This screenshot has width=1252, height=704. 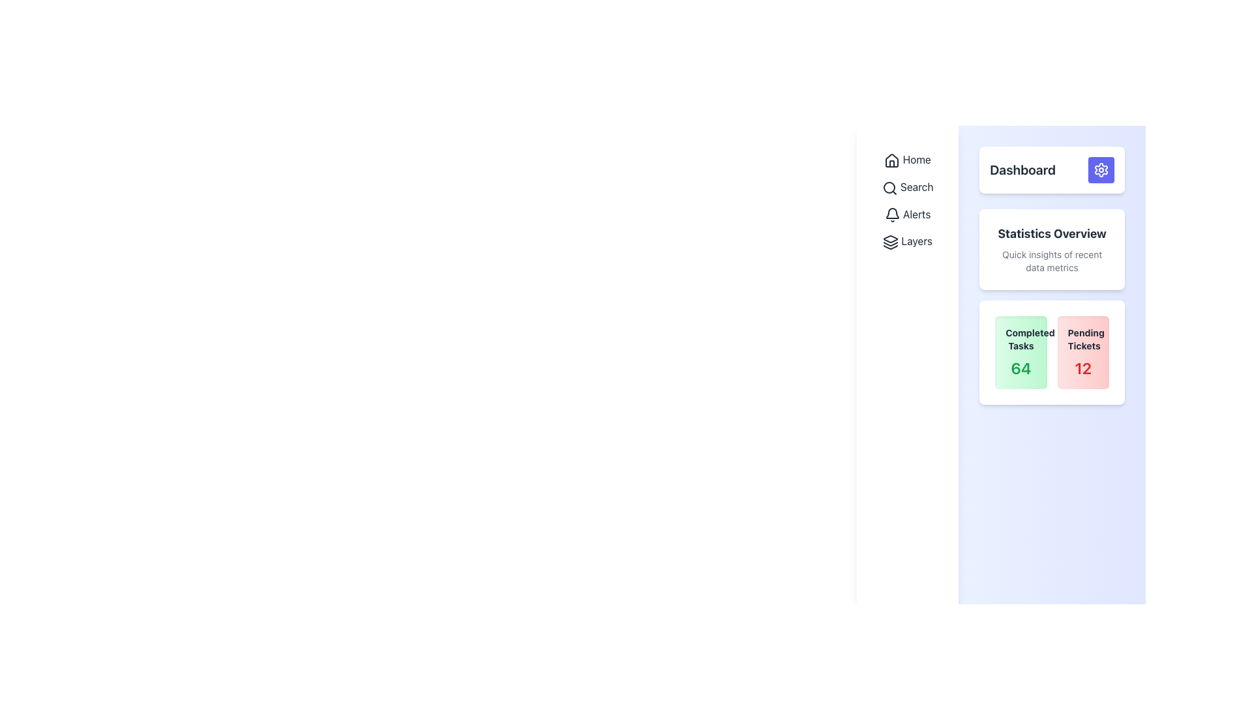 I want to click on the home icon located in the sidebar menu, which is positioned to the left of the text label 'Home', so click(x=891, y=160).